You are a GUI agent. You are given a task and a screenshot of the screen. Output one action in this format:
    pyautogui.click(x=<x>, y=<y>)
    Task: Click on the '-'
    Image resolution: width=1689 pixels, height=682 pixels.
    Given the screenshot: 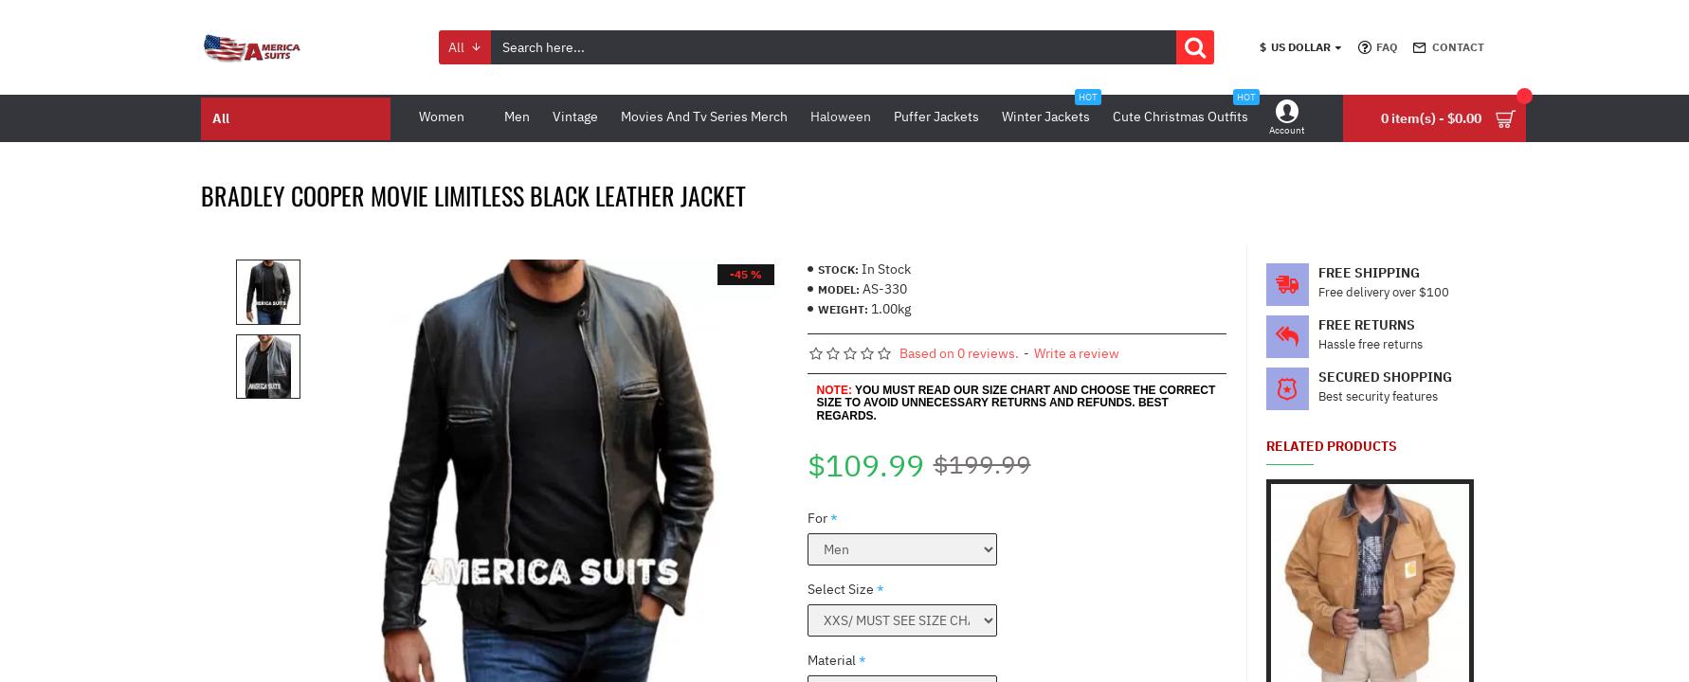 What is the action you would take?
    pyautogui.click(x=1026, y=353)
    